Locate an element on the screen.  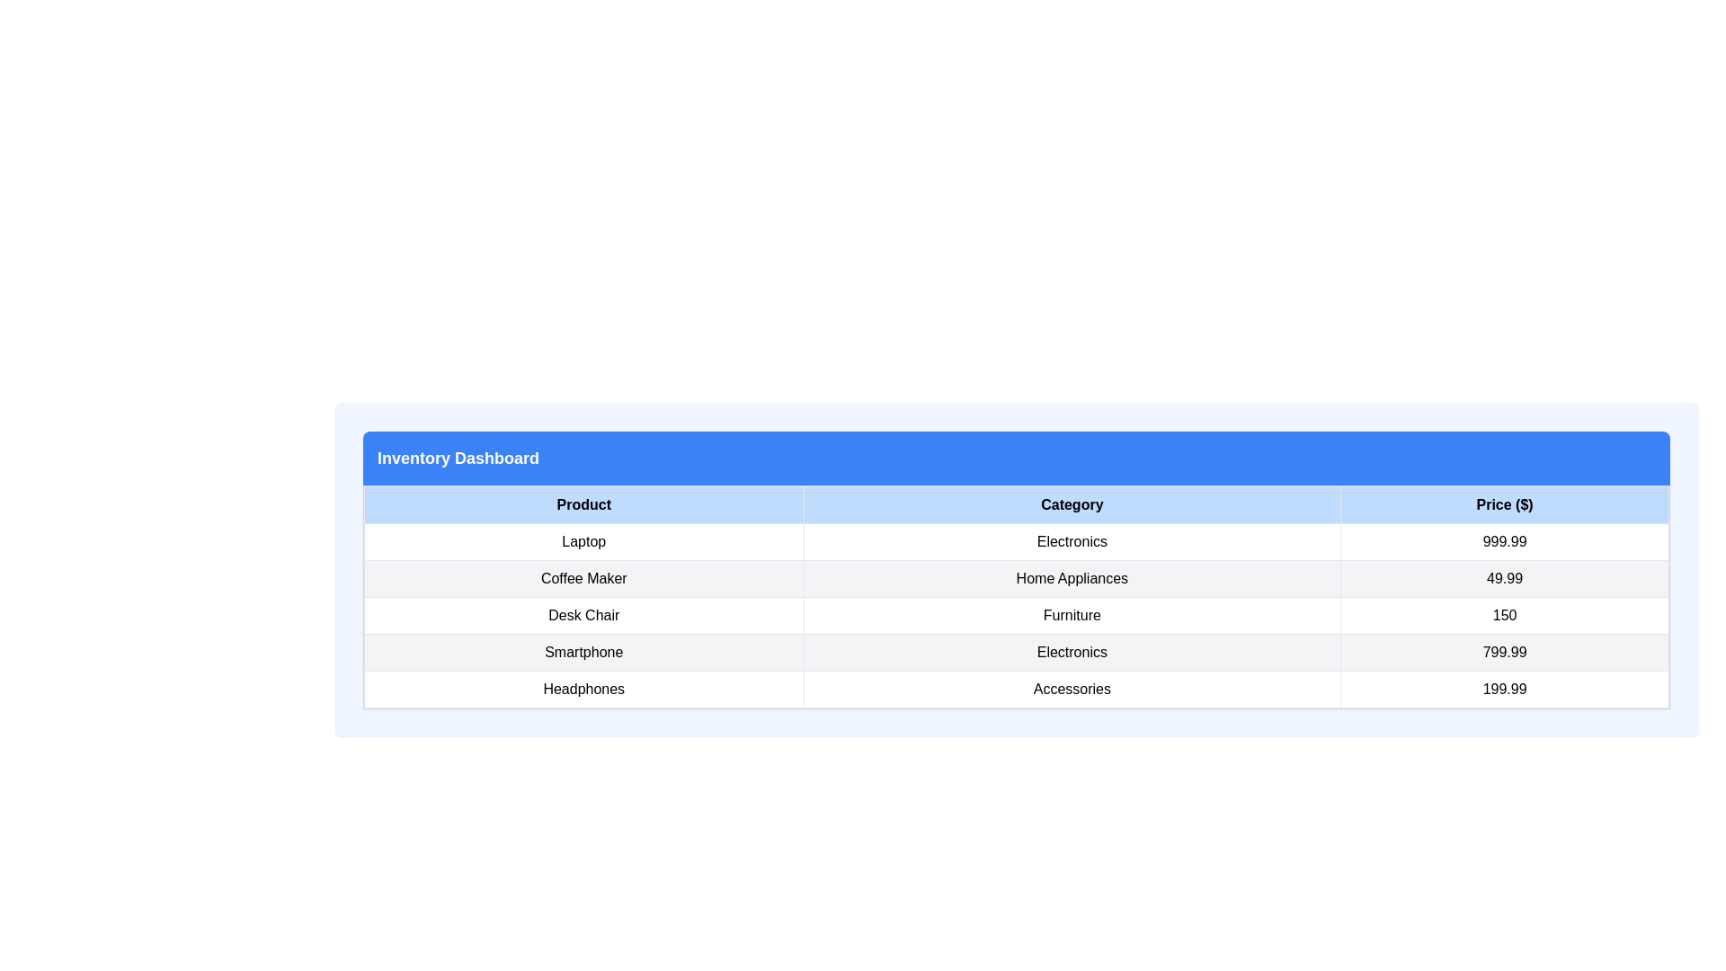
the static text displaying the price of the product labeled 'Smartphone' in the table under the 'Price ($)' column is located at coordinates (1505, 652).